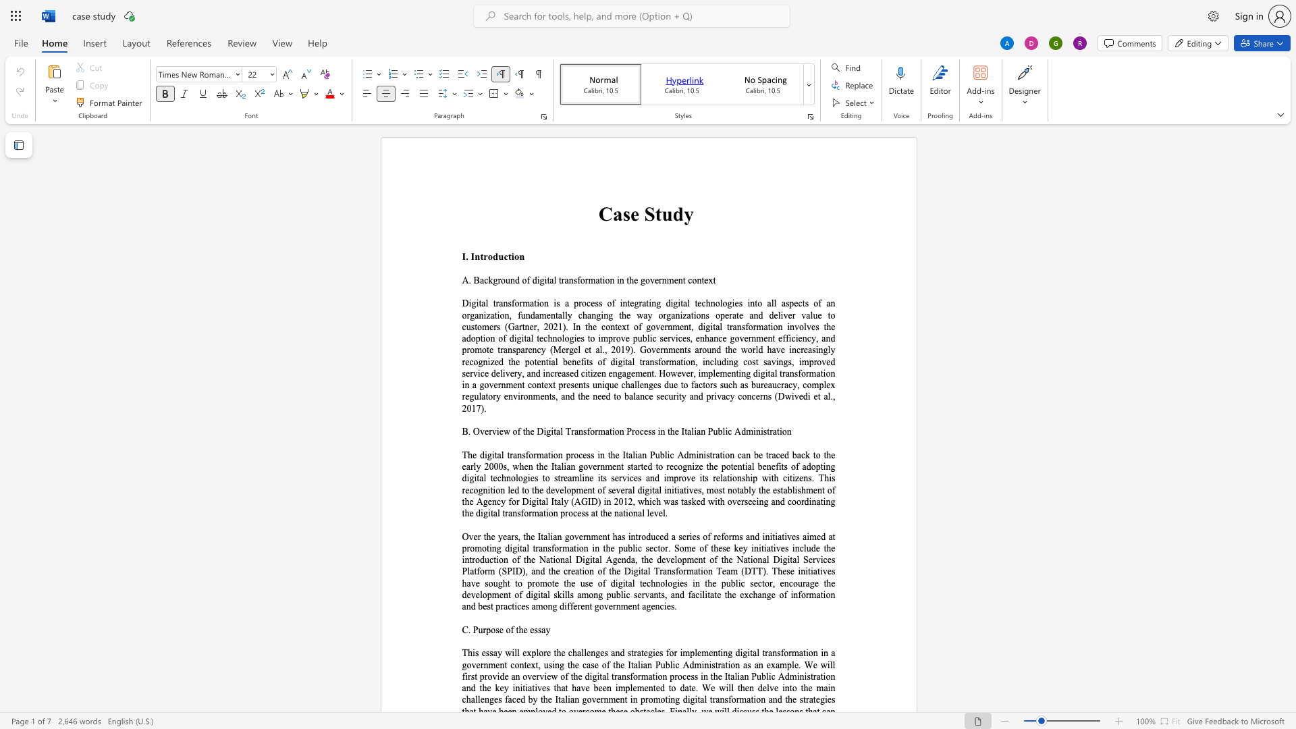  Describe the element at coordinates (535, 279) in the screenshot. I see `the space between the continuous character "d" and "i" in the text` at that location.